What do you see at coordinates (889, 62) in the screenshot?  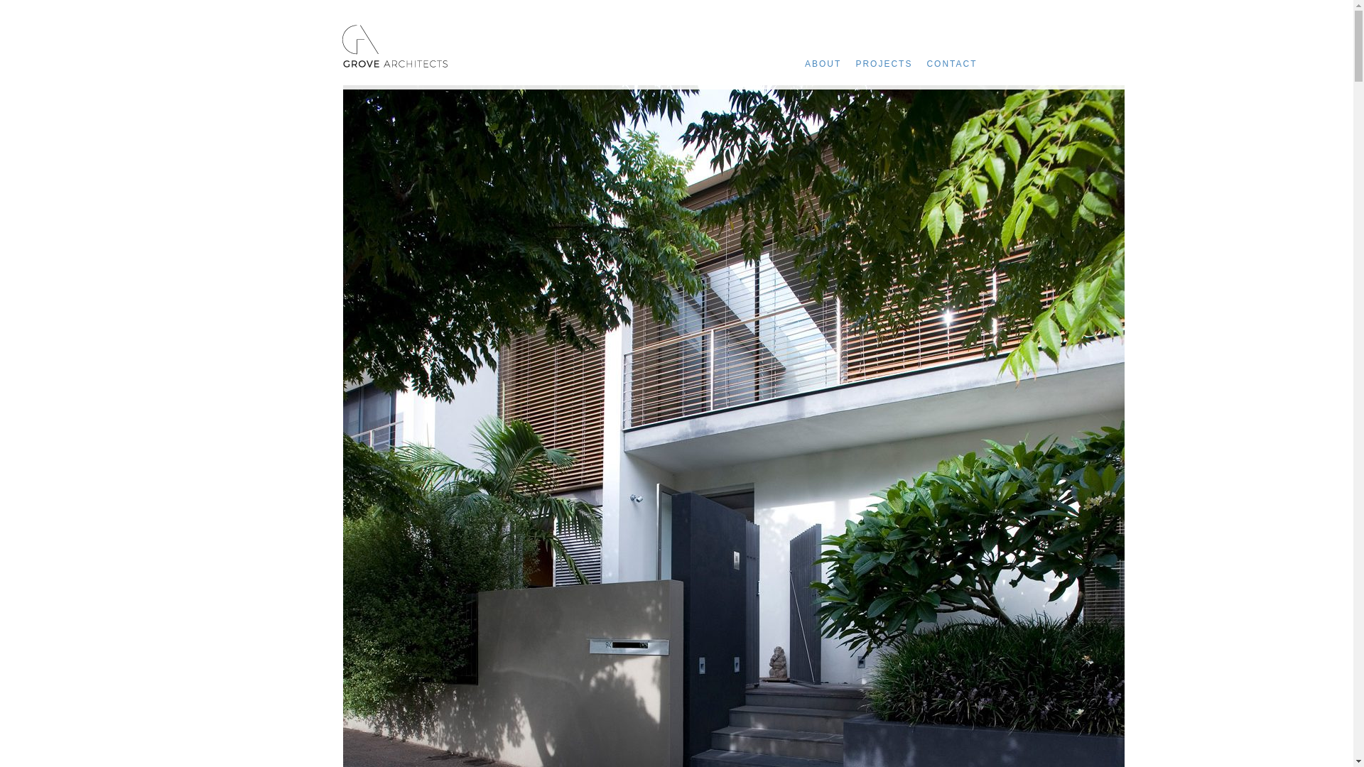 I see `'PROJECTS'` at bounding box center [889, 62].